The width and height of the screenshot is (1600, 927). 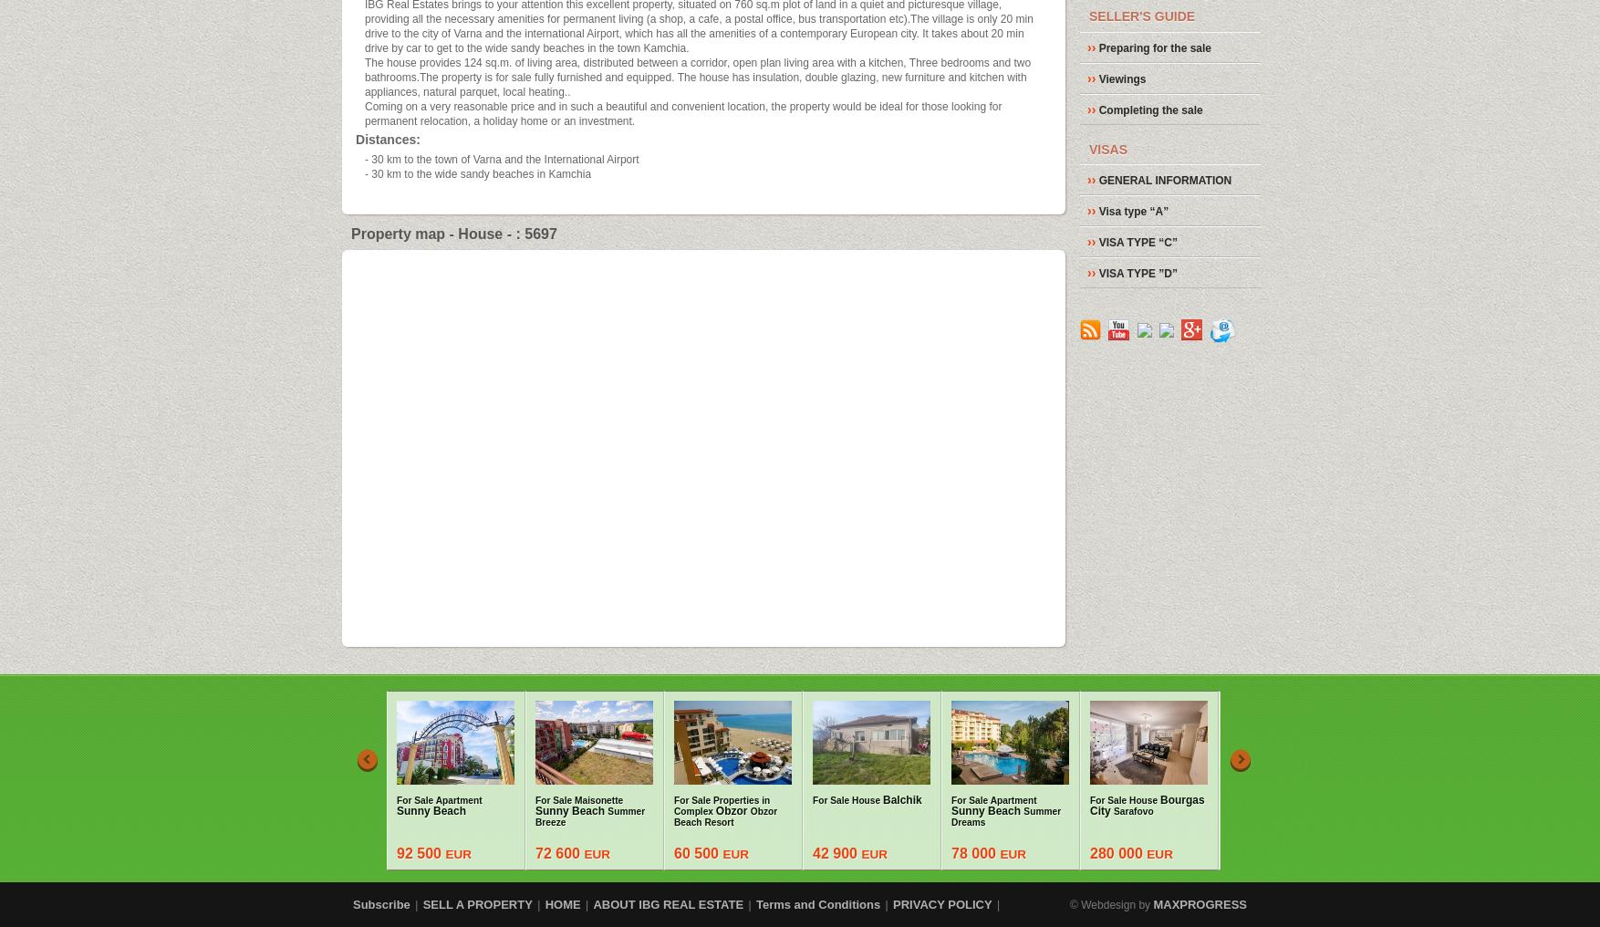 I want to click on 'Flores Park', so click(x=1416, y=816).